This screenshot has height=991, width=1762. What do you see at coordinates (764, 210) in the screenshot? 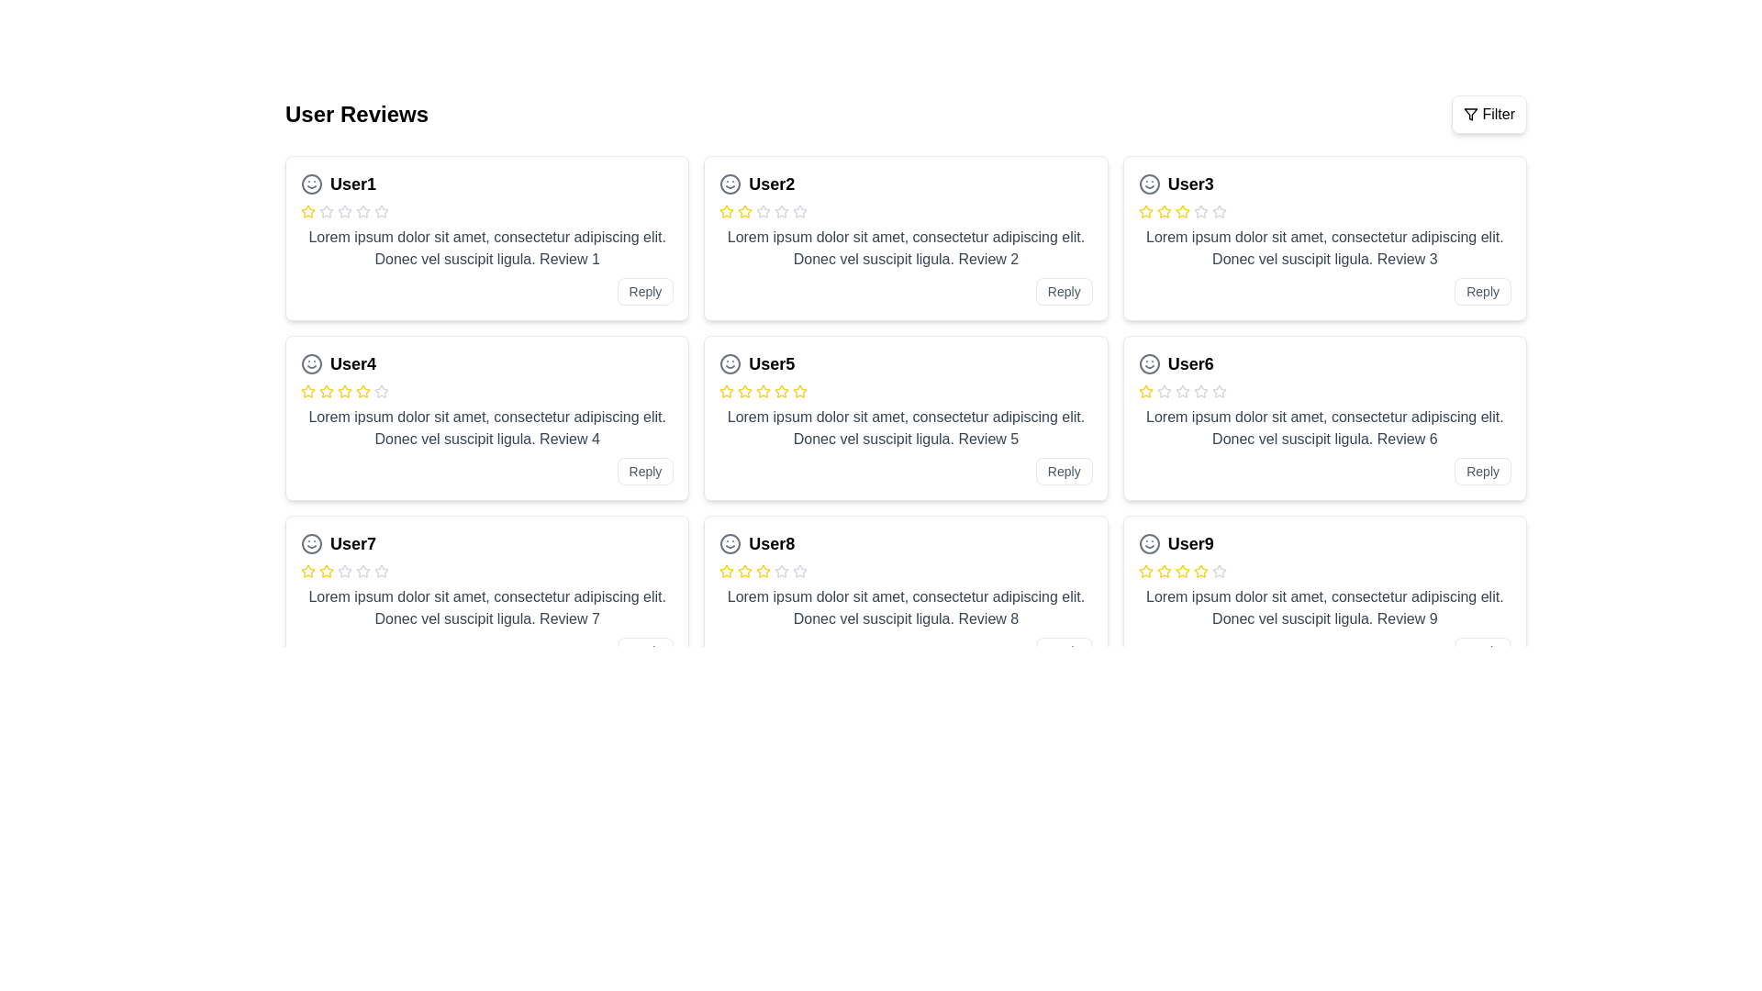
I see `the second star icon in the rating component of the first review card` at bounding box center [764, 210].